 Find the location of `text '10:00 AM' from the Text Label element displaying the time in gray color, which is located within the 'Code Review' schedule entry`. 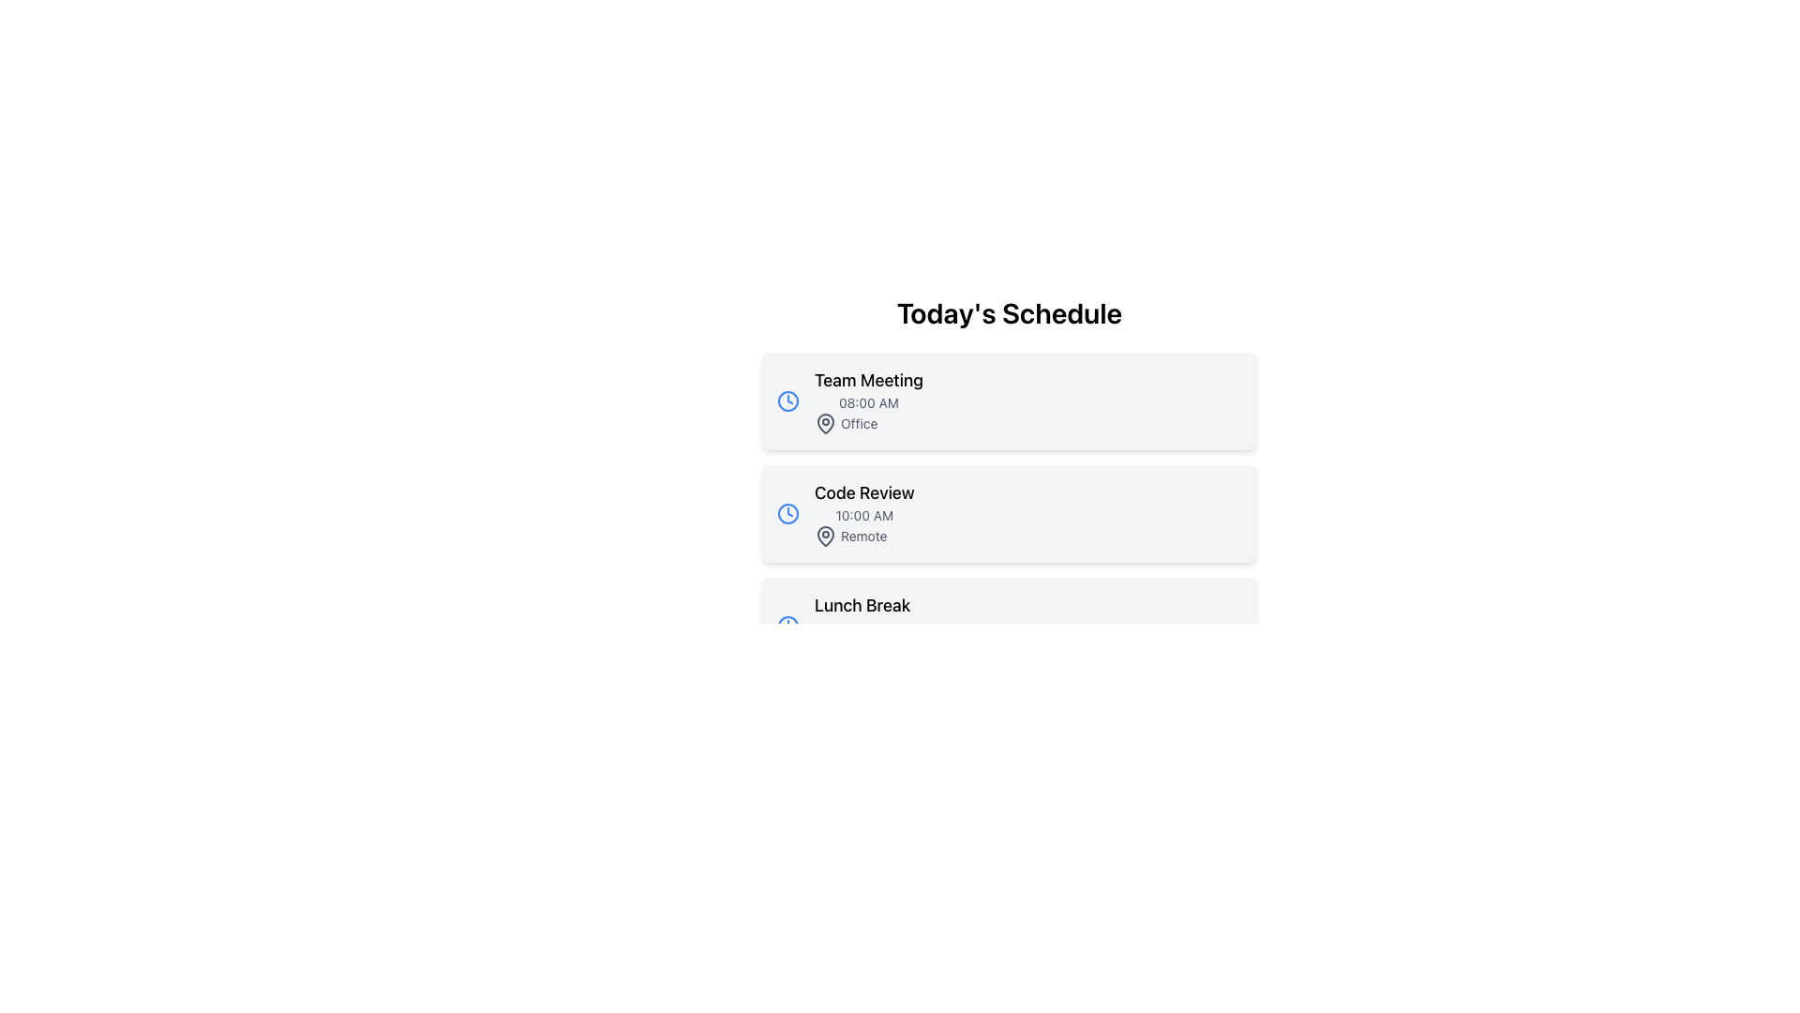

text '10:00 AM' from the Text Label element displaying the time in gray color, which is located within the 'Code Review' schedule entry is located at coordinates (863, 516).